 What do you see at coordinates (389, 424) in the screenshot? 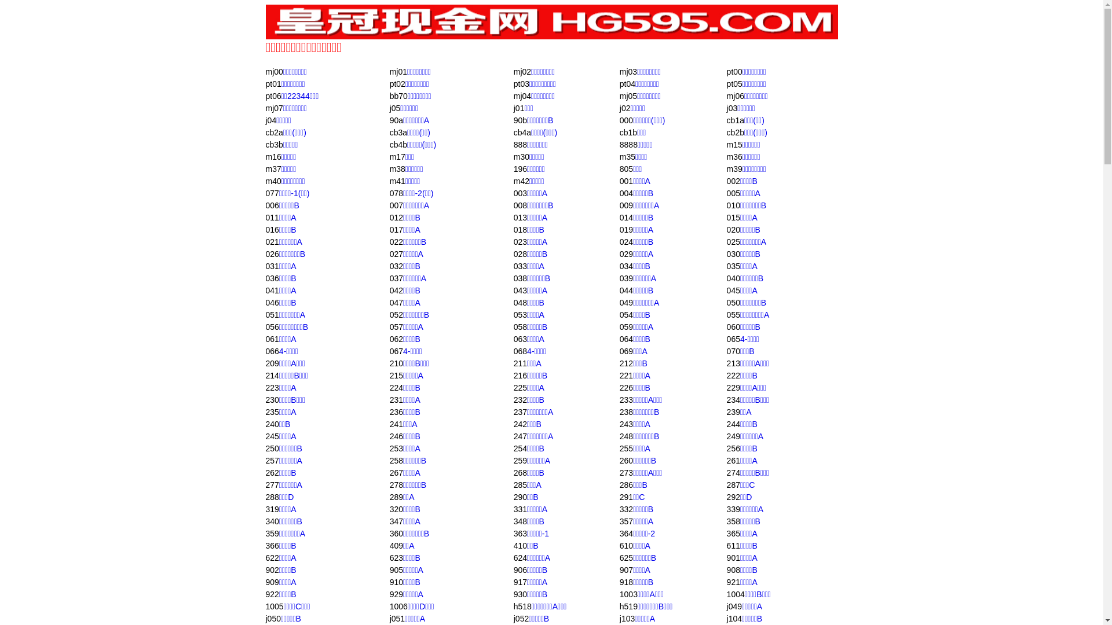
I see `'241'` at bounding box center [389, 424].